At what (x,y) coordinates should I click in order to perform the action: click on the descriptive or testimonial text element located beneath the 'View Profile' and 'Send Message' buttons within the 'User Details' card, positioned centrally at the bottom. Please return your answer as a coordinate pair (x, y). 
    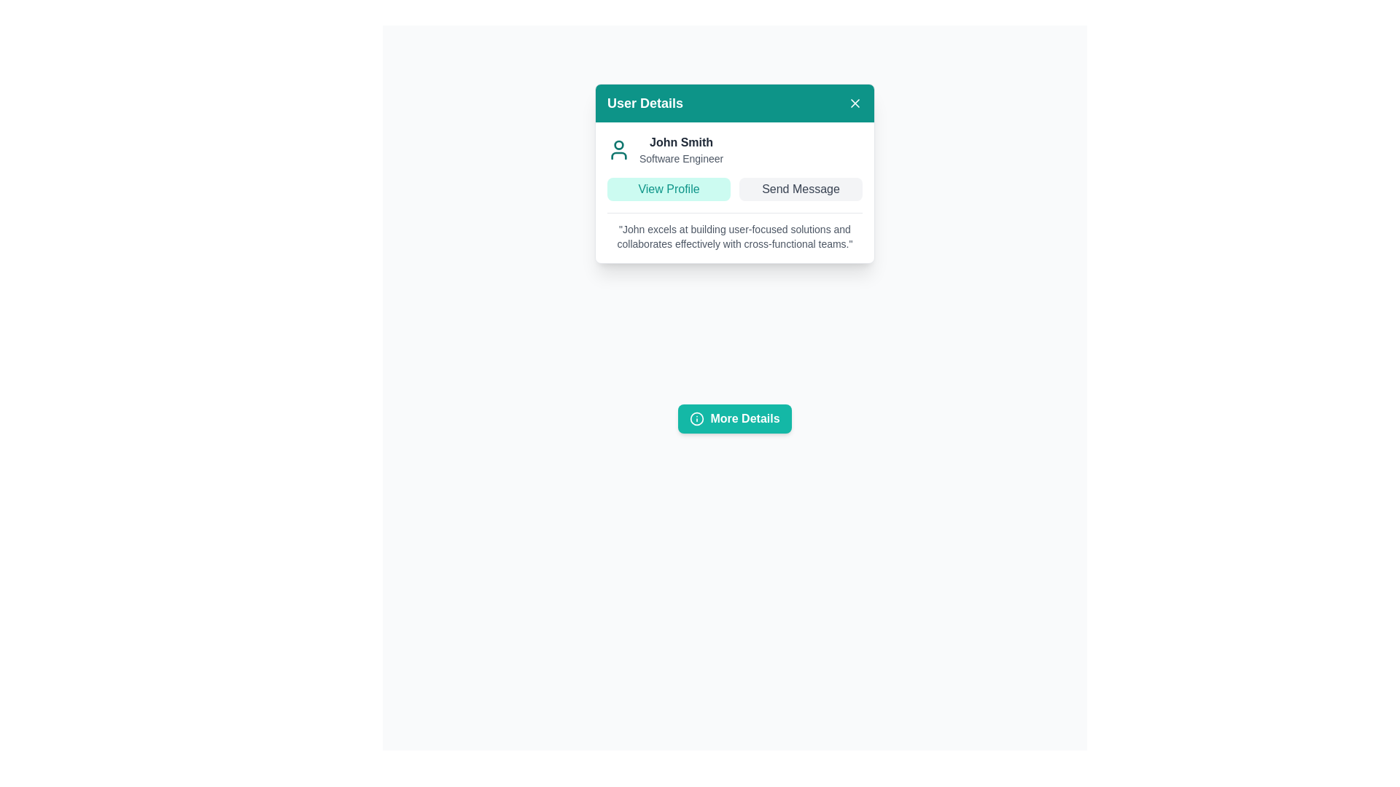
    Looking at the image, I should click on (735, 230).